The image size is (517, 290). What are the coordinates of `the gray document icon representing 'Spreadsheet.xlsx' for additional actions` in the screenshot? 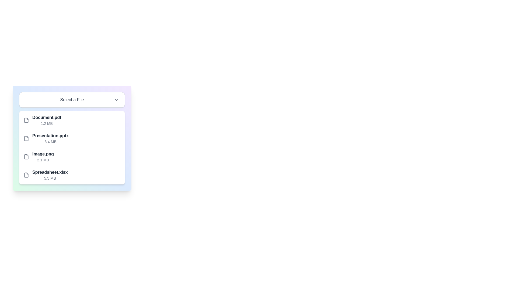 It's located at (26, 175).